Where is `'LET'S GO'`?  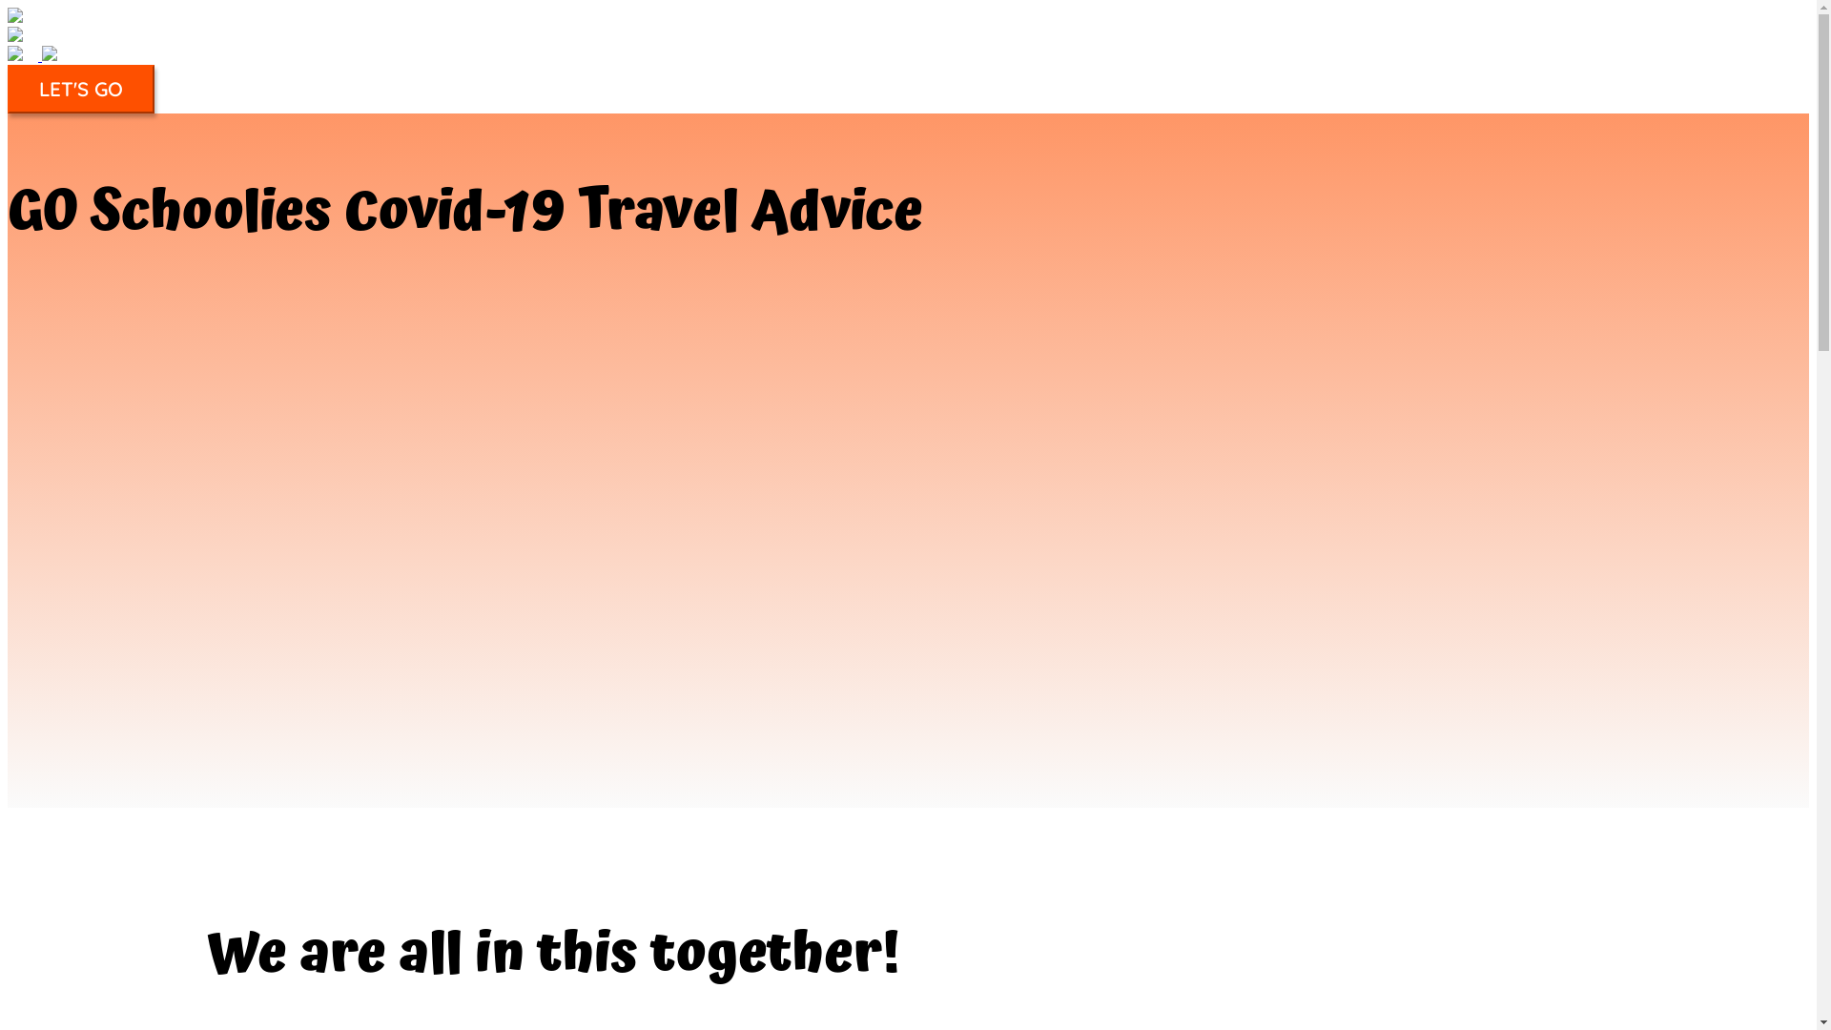
'LET'S GO' is located at coordinates (80, 89).